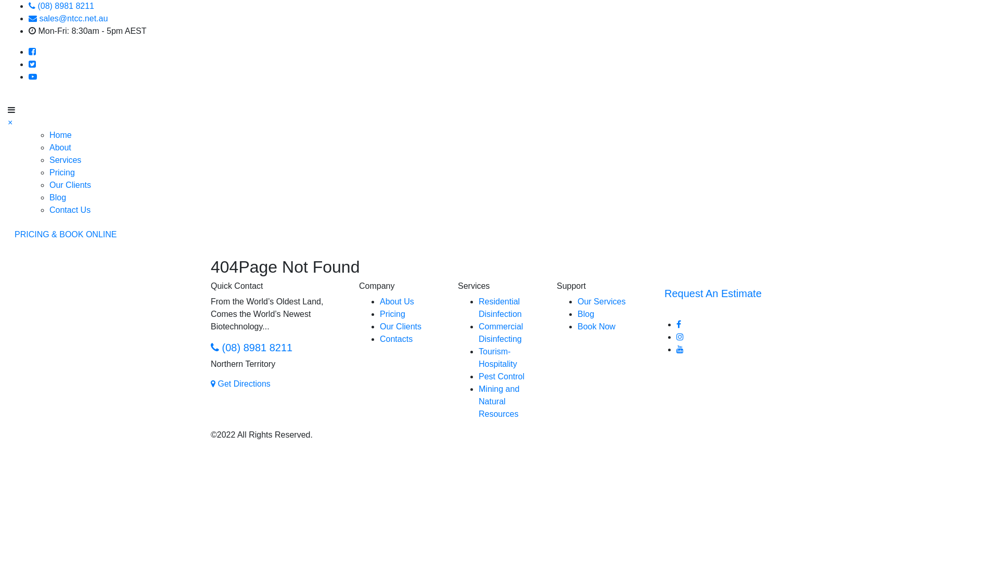 Image resolution: width=999 pixels, height=562 pixels. Describe the element at coordinates (497, 357) in the screenshot. I see `'Tourism-Hospitality'` at that location.